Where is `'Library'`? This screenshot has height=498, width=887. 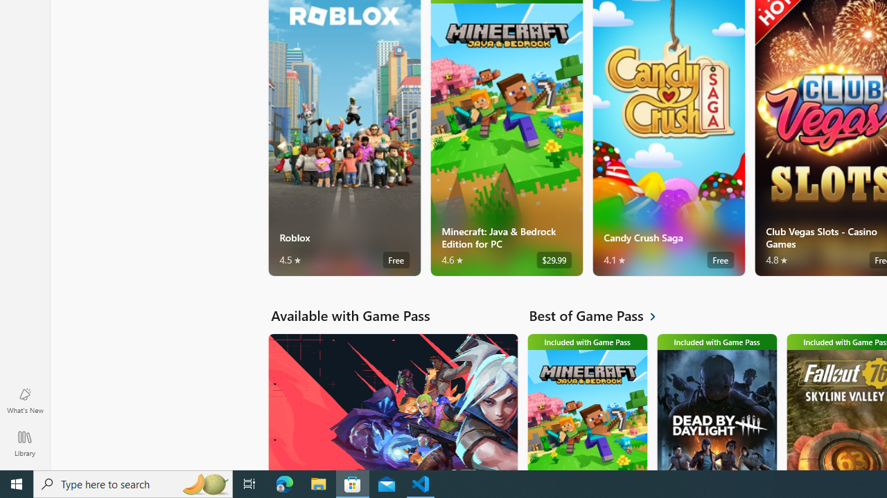
'Library' is located at coordinates (24, 443).